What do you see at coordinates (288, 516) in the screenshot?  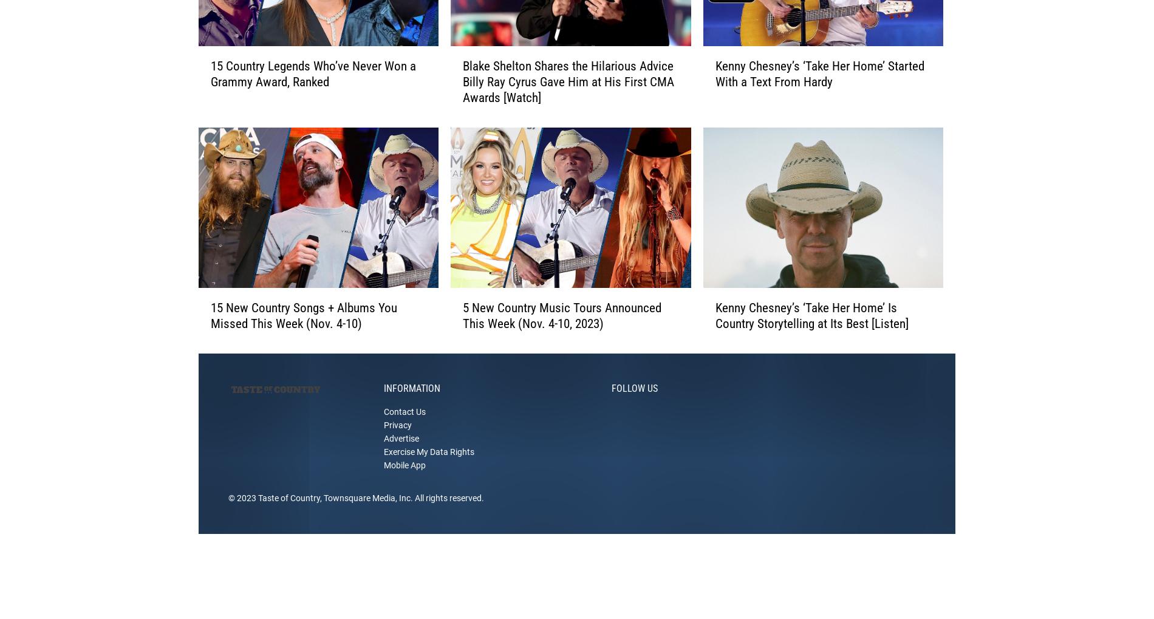 I see `'Taste of Country'` at bounding box center [288, 516].